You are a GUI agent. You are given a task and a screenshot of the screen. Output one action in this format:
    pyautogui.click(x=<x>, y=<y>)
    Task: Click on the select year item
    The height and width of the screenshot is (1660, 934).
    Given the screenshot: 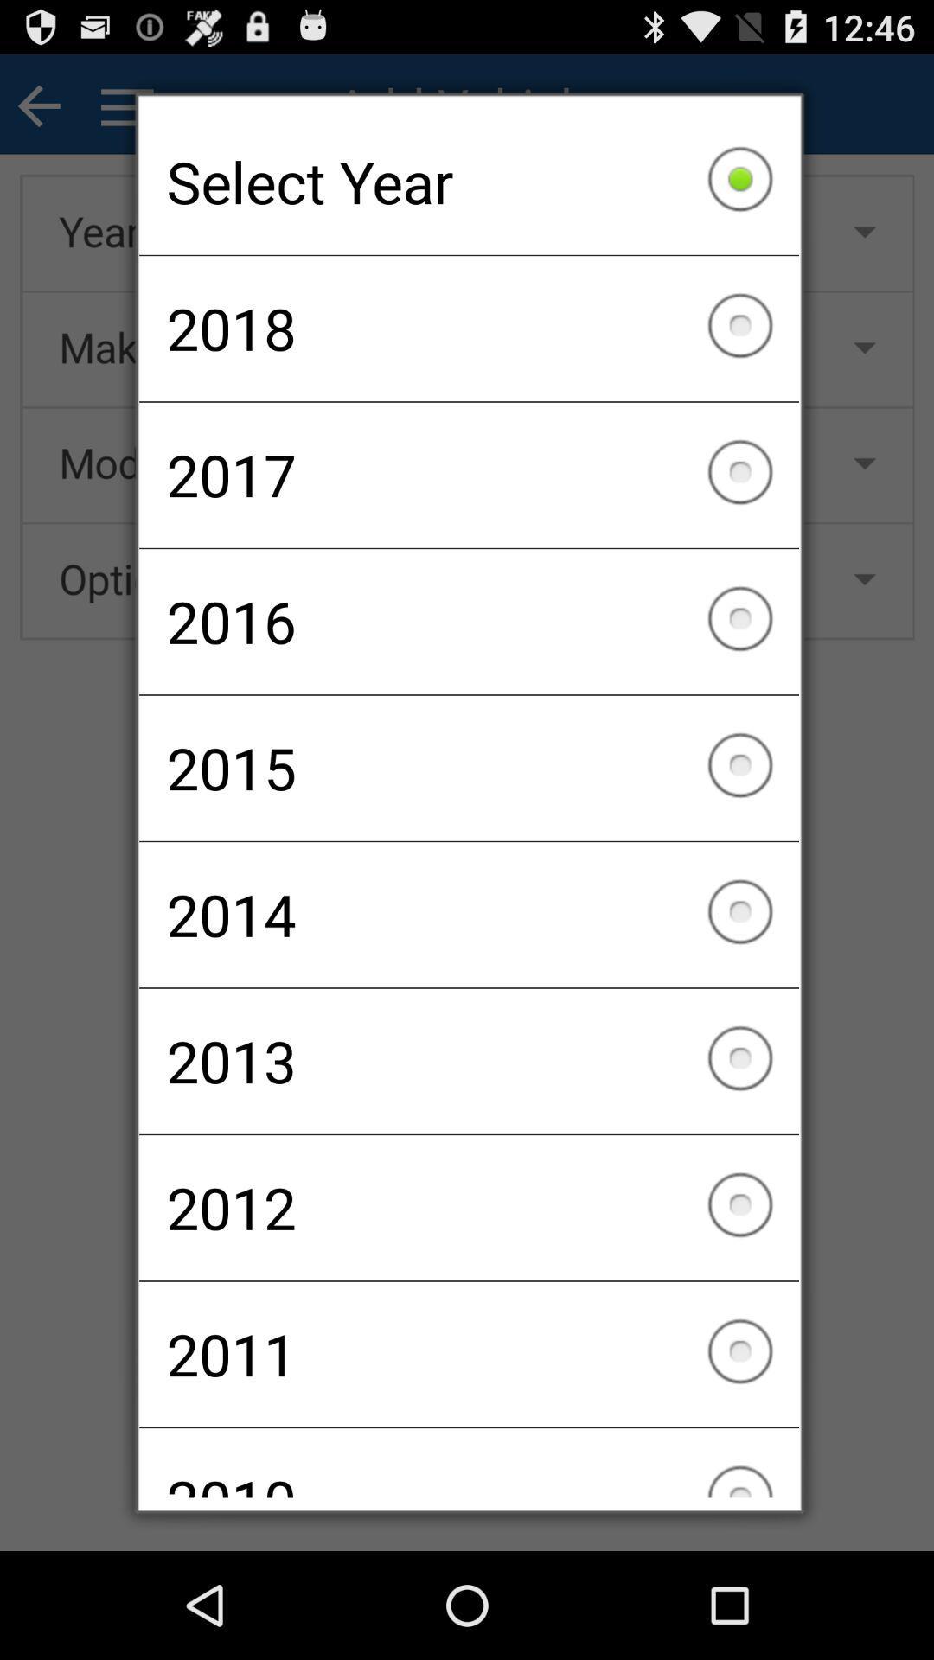 What is the action you would take?
    pyautogui.click(x=469, y=182)
    